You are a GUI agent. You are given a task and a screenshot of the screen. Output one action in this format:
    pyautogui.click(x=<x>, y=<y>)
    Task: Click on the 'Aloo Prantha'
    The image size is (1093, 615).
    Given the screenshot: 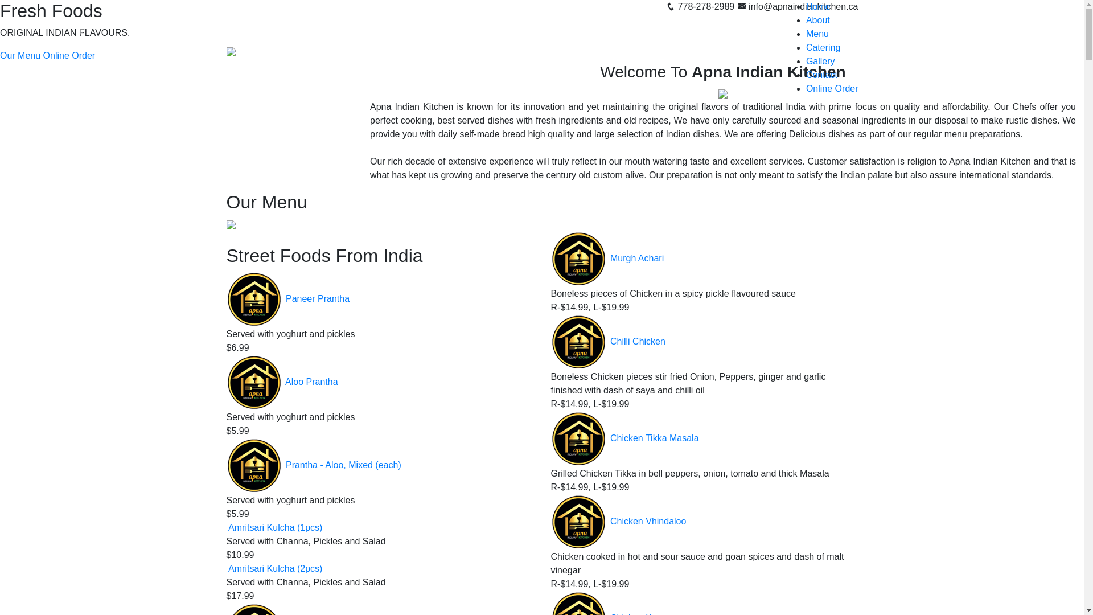 What is the action you would take?
    pyautogui.click(x=285, y=382)
    